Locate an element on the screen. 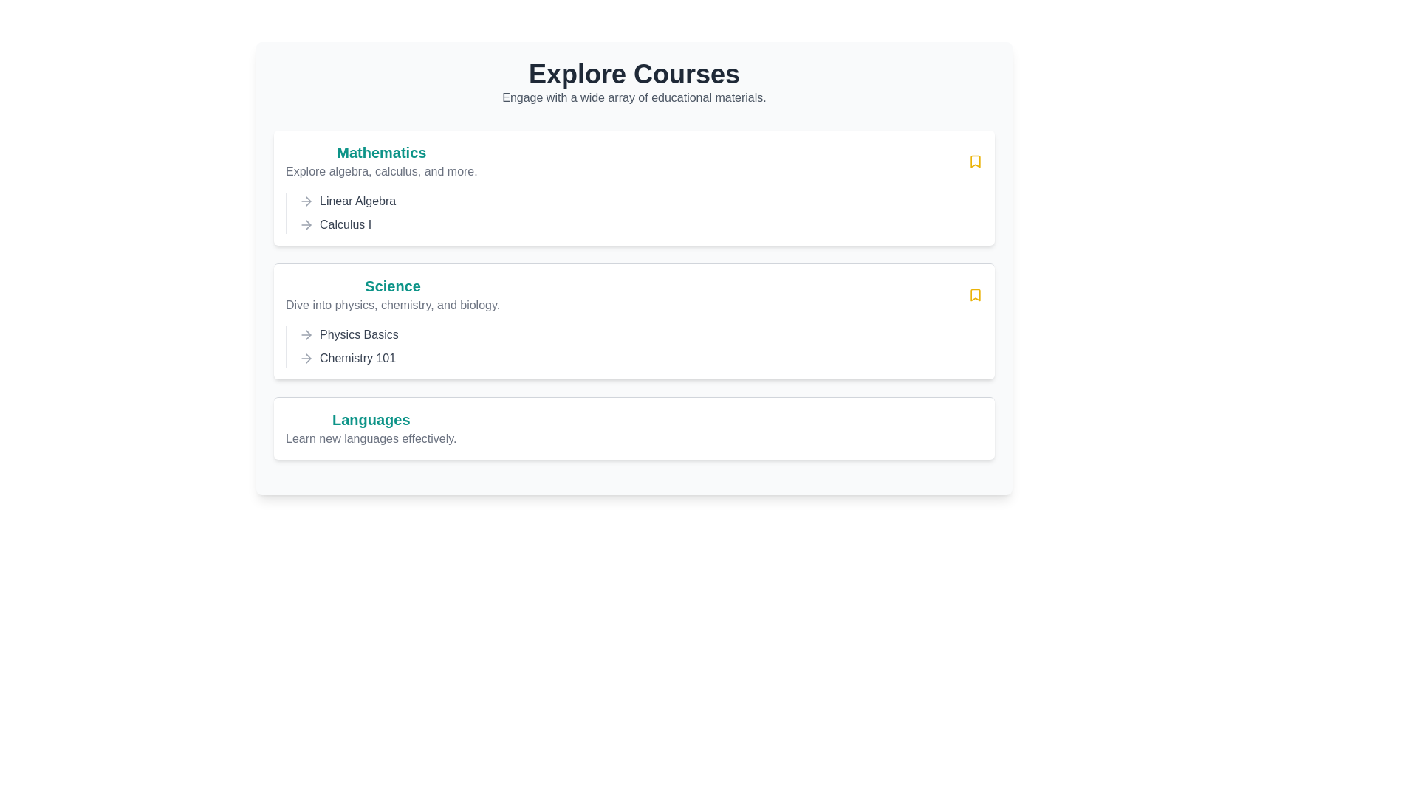 Image resolution: width=1418 pixels, height=797 pixels. the header text label indicating the 'Science' topic is located at coordinates (393, 286).